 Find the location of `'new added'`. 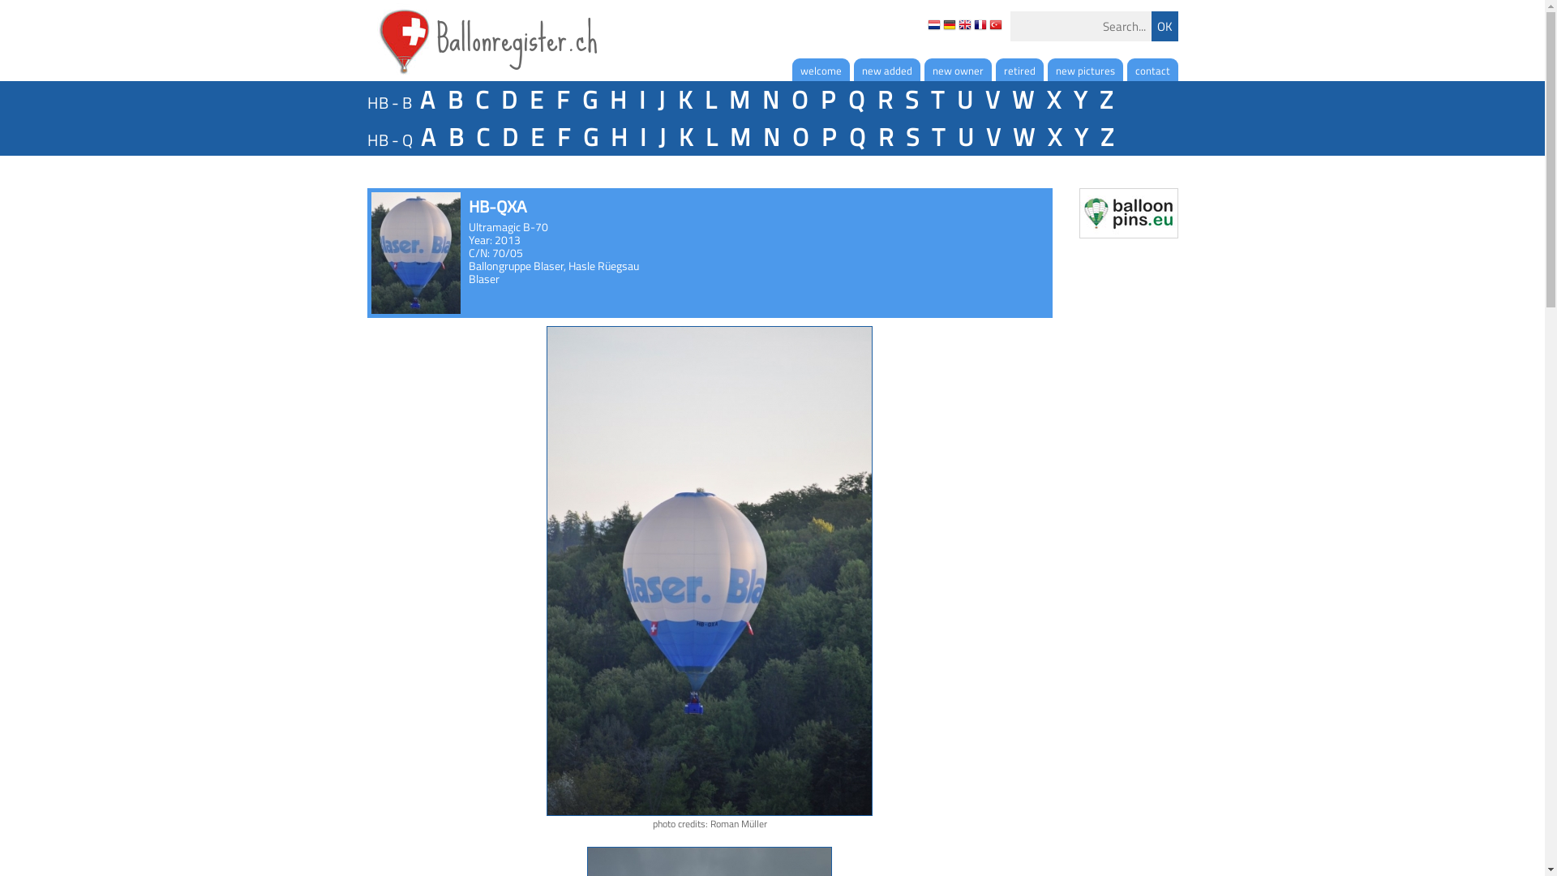

'new added' is located at coordinates (851, 68).